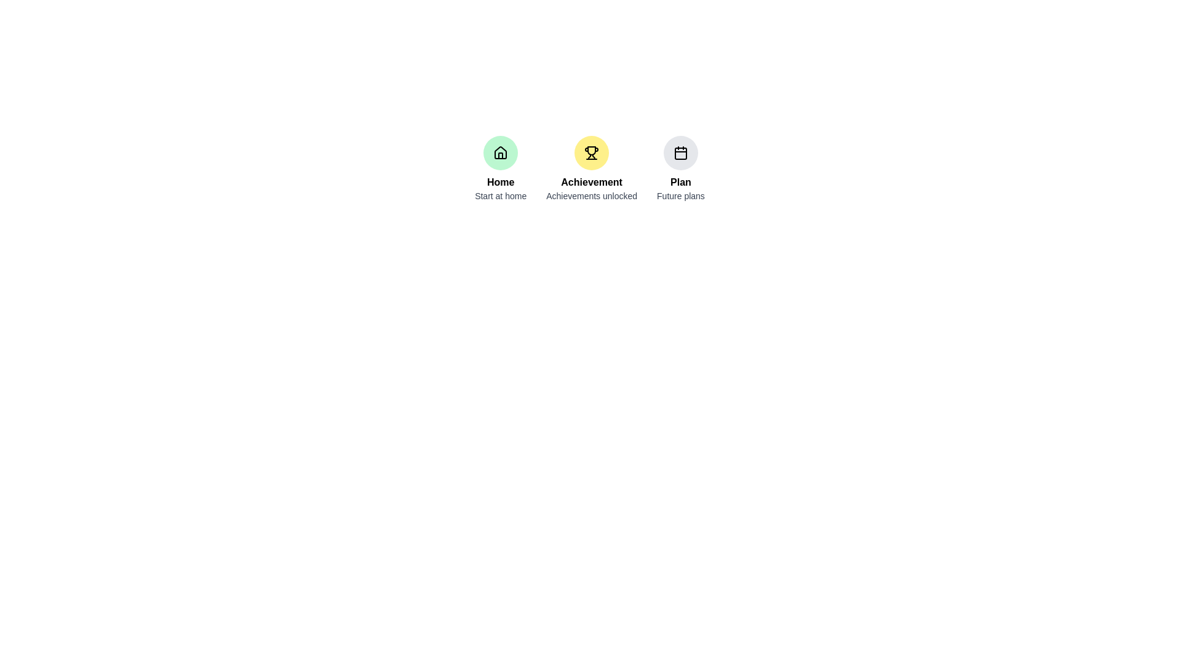 This screenshot has height=664, width=1181. What do you see at coordinates (592, 152) in the screenshot?
I see `the trophy-shaped icon located in the center section of the interface` at bounding box center [592, 152].